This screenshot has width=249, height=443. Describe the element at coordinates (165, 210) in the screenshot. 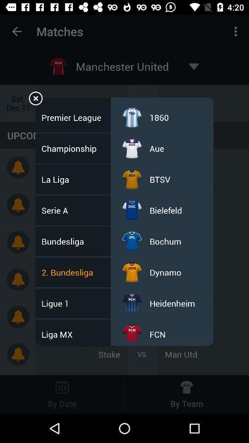

I see `the bielefeld` at that location.